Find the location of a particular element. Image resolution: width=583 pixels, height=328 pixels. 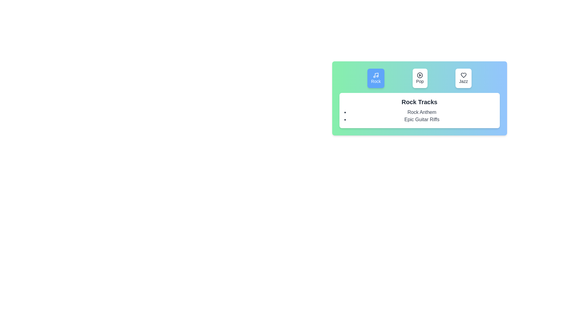

the Jazz genre by clicking its button is located at coordinates (463, 78).